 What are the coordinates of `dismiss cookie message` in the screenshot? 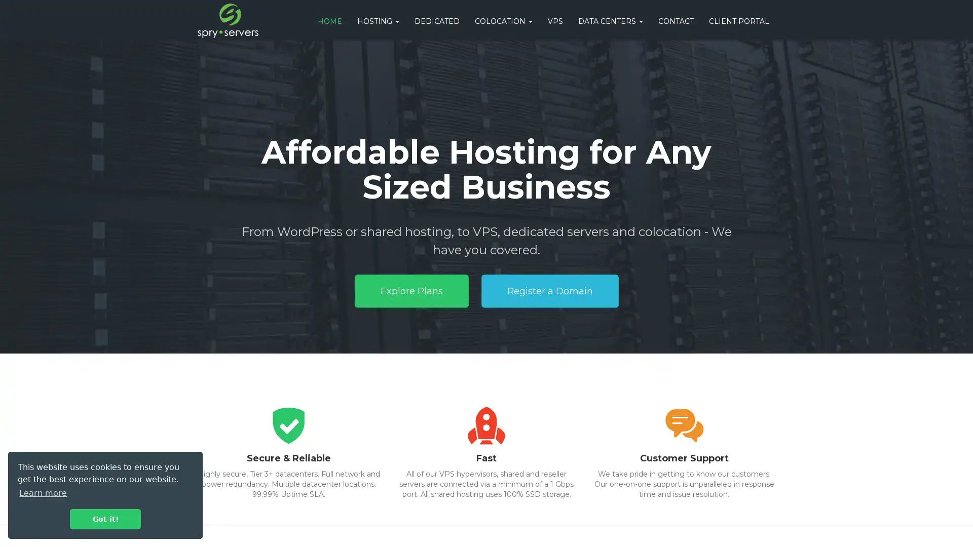 It's located at (105, 519).